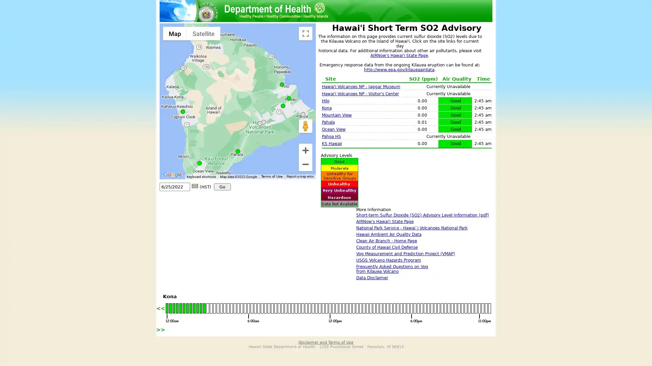 The width and height of the screenshot is (652, 366). Describe the element at coordinates (282, 84) in the screenshot. I see `Hilo: SO2 0.00 ppm (Good) on 06/25 at 02:45 am` at that location.